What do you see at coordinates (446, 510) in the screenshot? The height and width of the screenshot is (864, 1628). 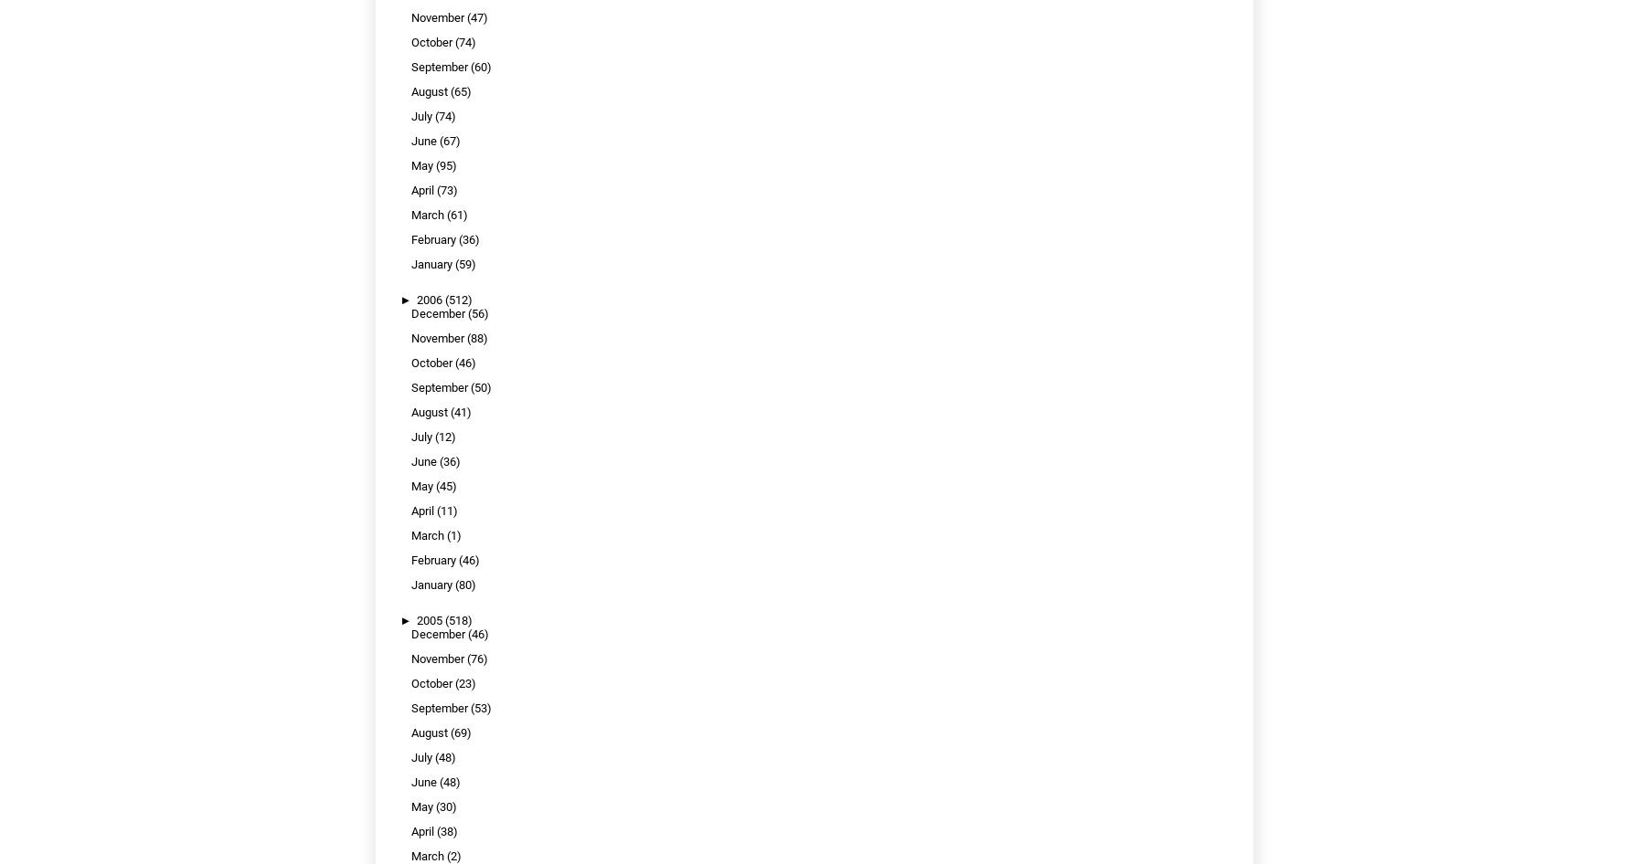 I see `'(11)'` at bounding box center [446, 510].